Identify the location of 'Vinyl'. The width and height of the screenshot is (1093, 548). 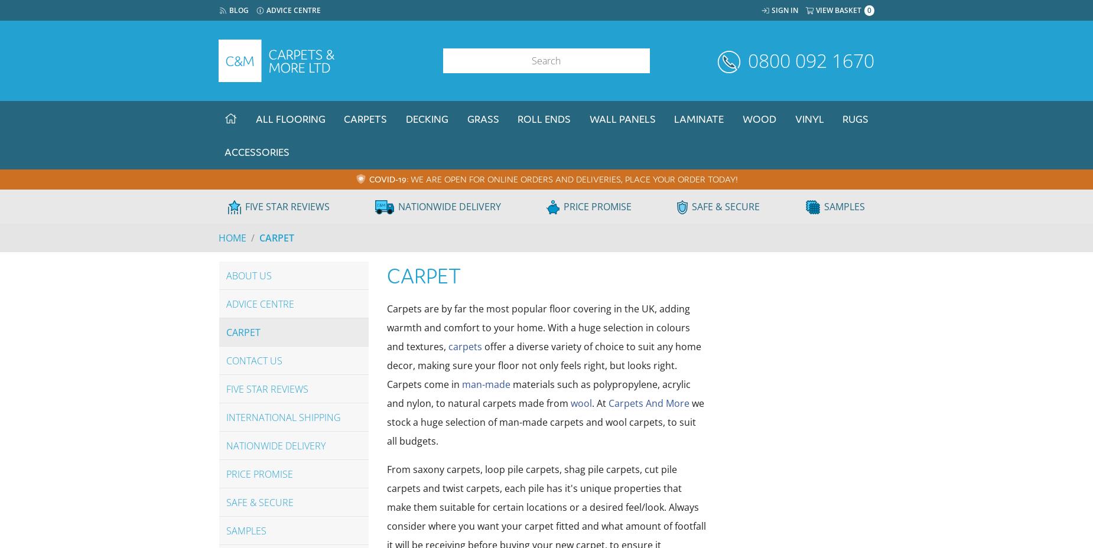
(808, 119).